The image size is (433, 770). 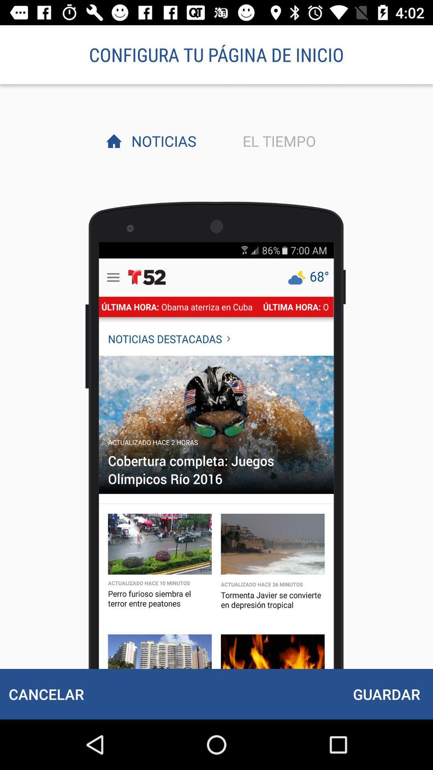 I want to click on the el tiempo, so click(x=277, y=141).